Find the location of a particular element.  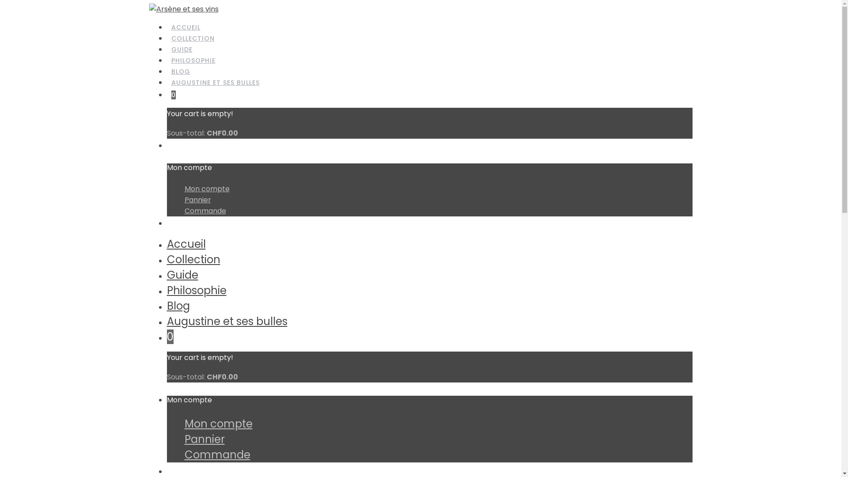

'BLOG' is located at coordinates (180, 71).